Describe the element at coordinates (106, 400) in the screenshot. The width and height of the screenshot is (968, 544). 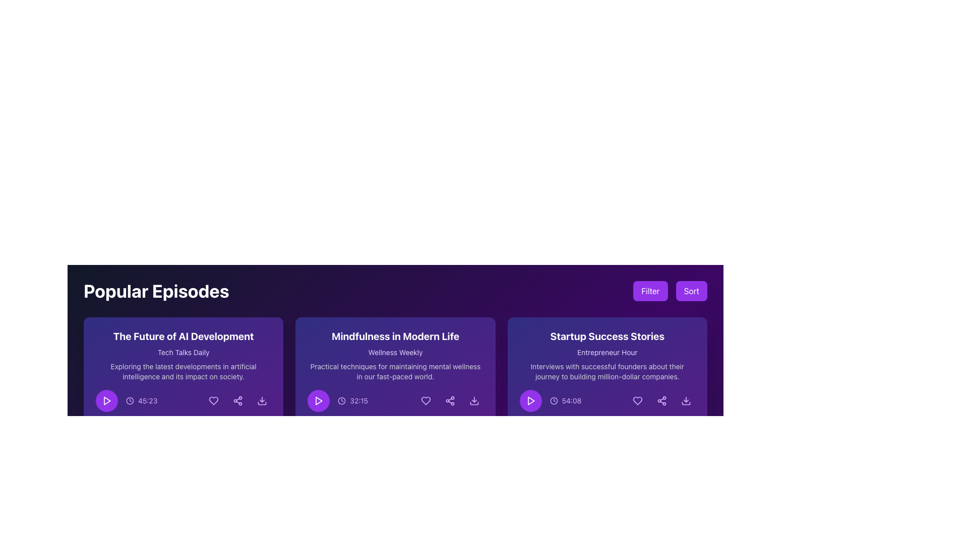
I see `the playback button located at the bottom left corner of the card titled 'The Future of AI Development'` at that location.